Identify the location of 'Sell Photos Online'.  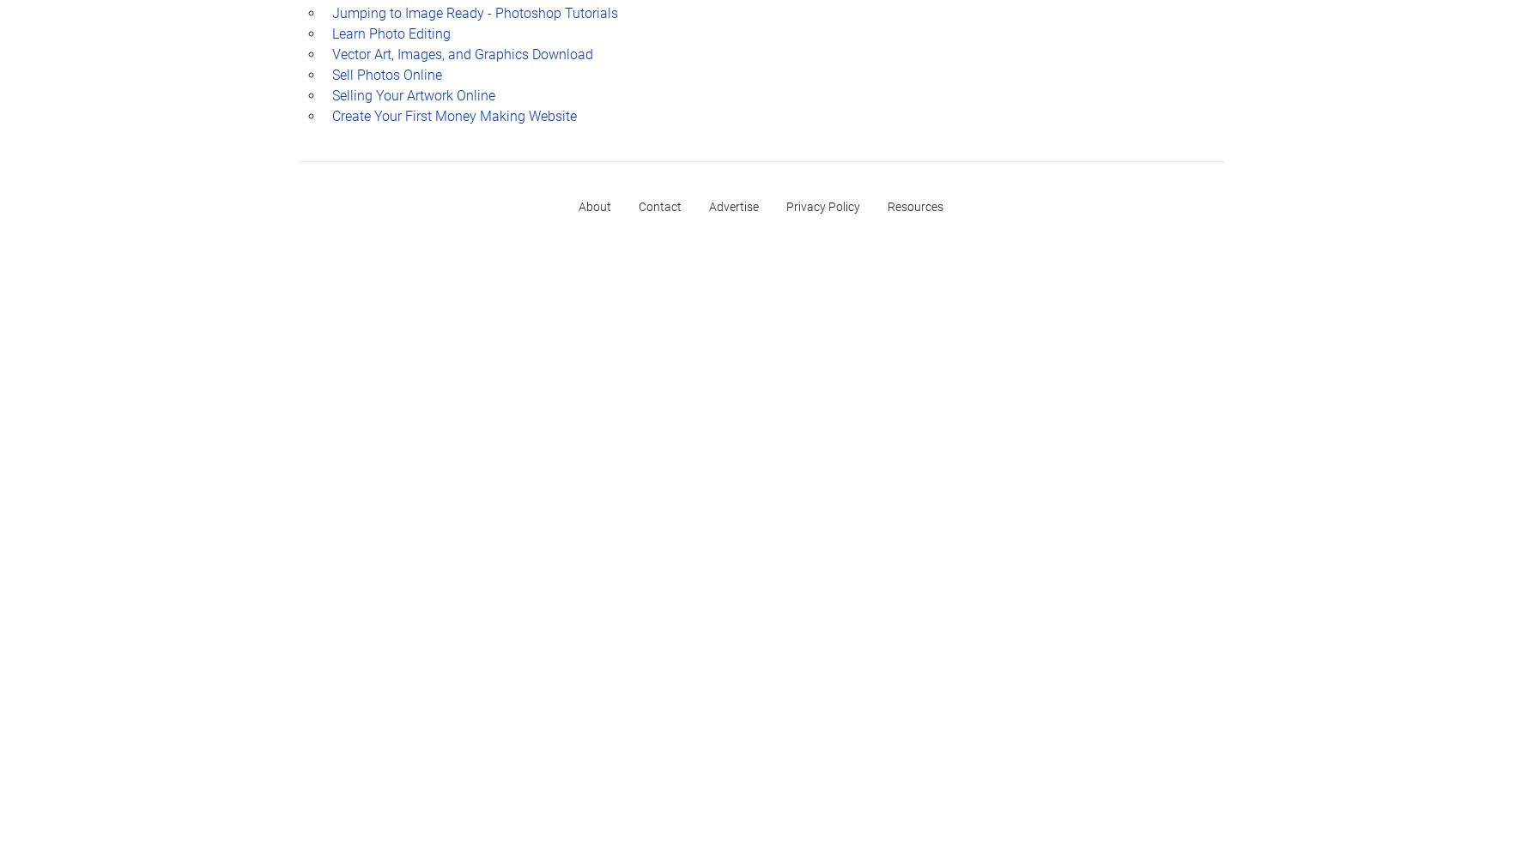
(385, 73).